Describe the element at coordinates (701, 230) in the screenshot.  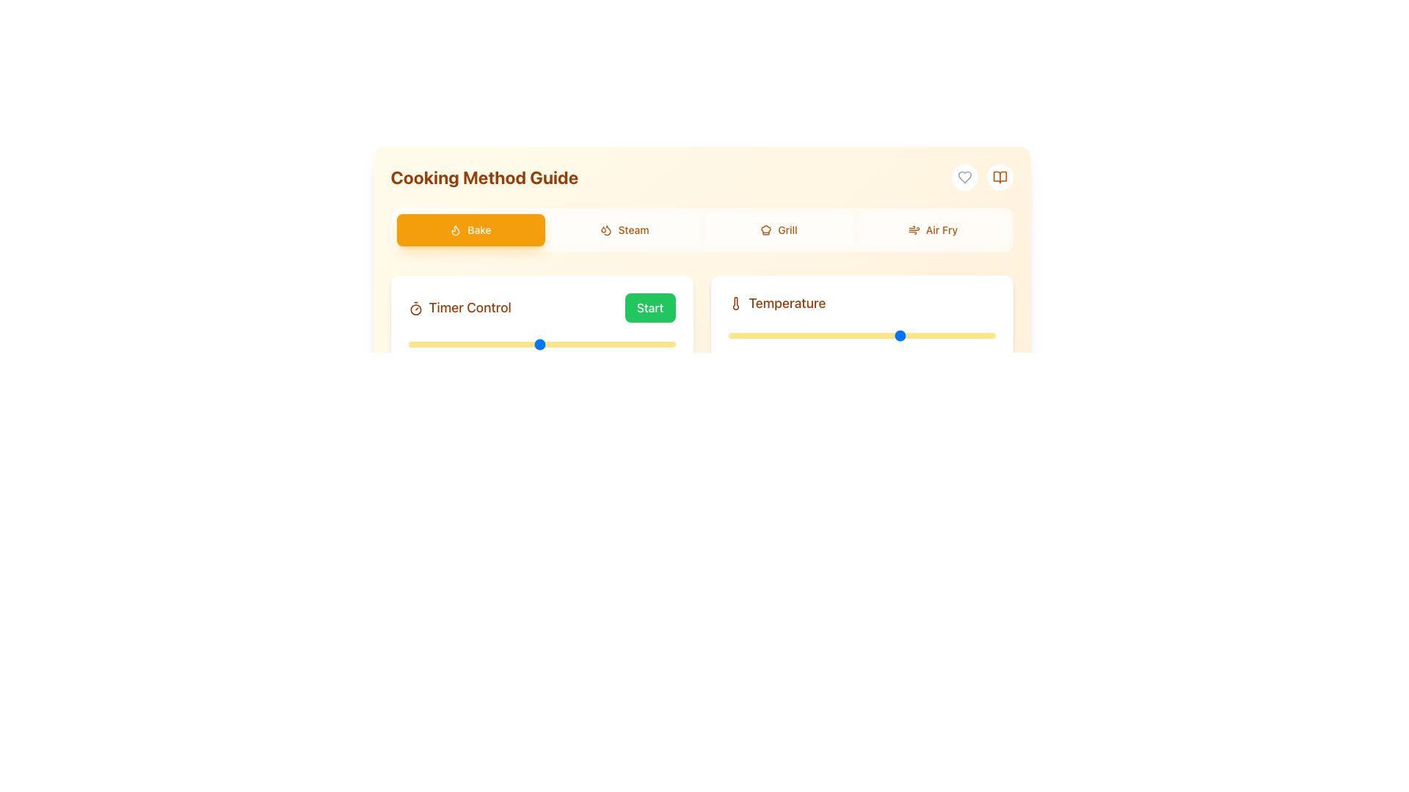
I see `the group of interactive buttons labeled "Bake," "Steam," "Grill," and "Air Fry"` at that location.